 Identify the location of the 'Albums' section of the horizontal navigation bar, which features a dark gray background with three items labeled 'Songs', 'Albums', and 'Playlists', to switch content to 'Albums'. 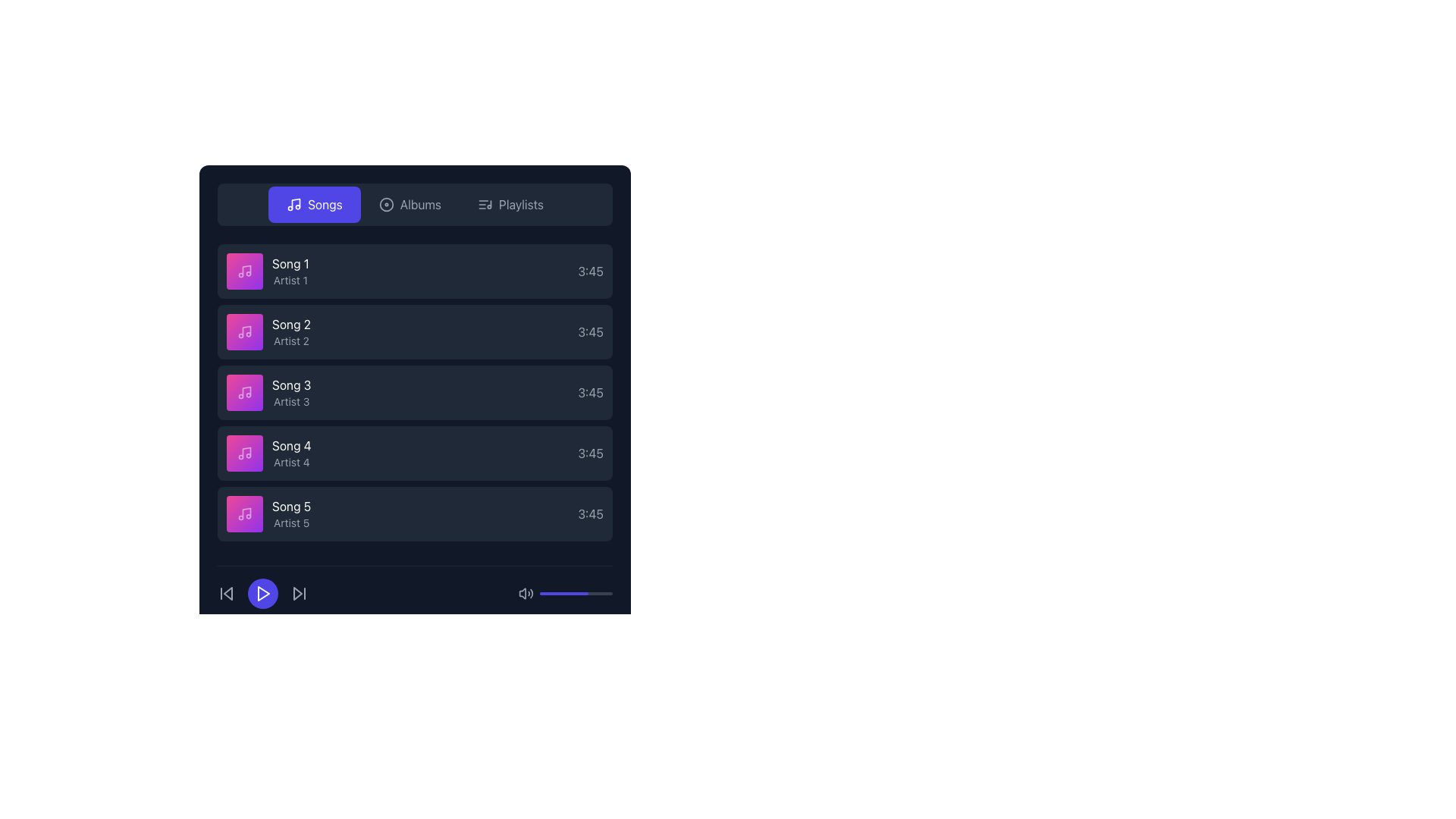
(415, 205).